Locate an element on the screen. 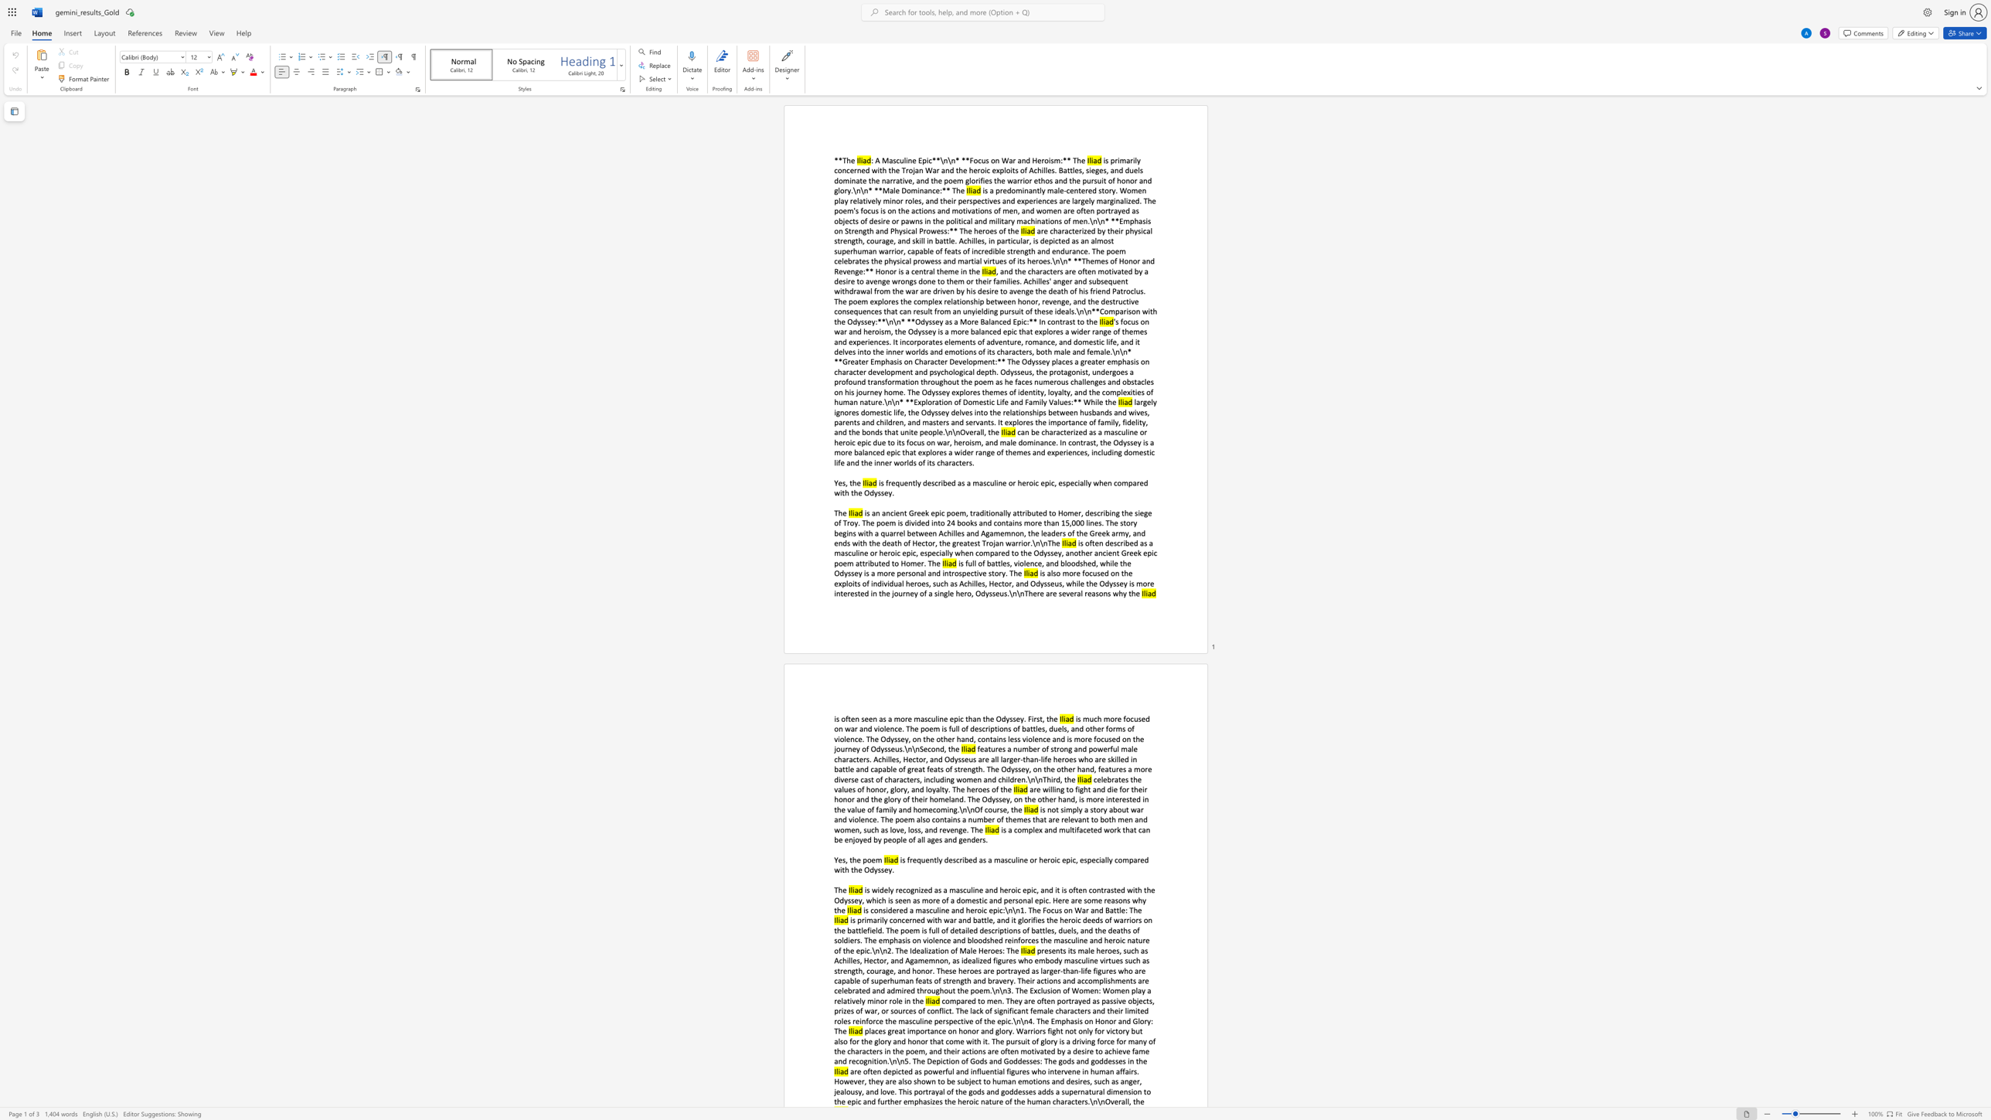 The height and width of the screenshot is (1120, 1991). the subset text "zed as a masculine and heroic epic, and it is often contrasted with the Odyssey, which is seen a" within the text "is widely recognized as a masculine and heroic epic, and it is often contrasted with the Odyssey, which is seen as more of a domestic and personal epic. Here are some reasons why the" is located at coordinates (921, 889).